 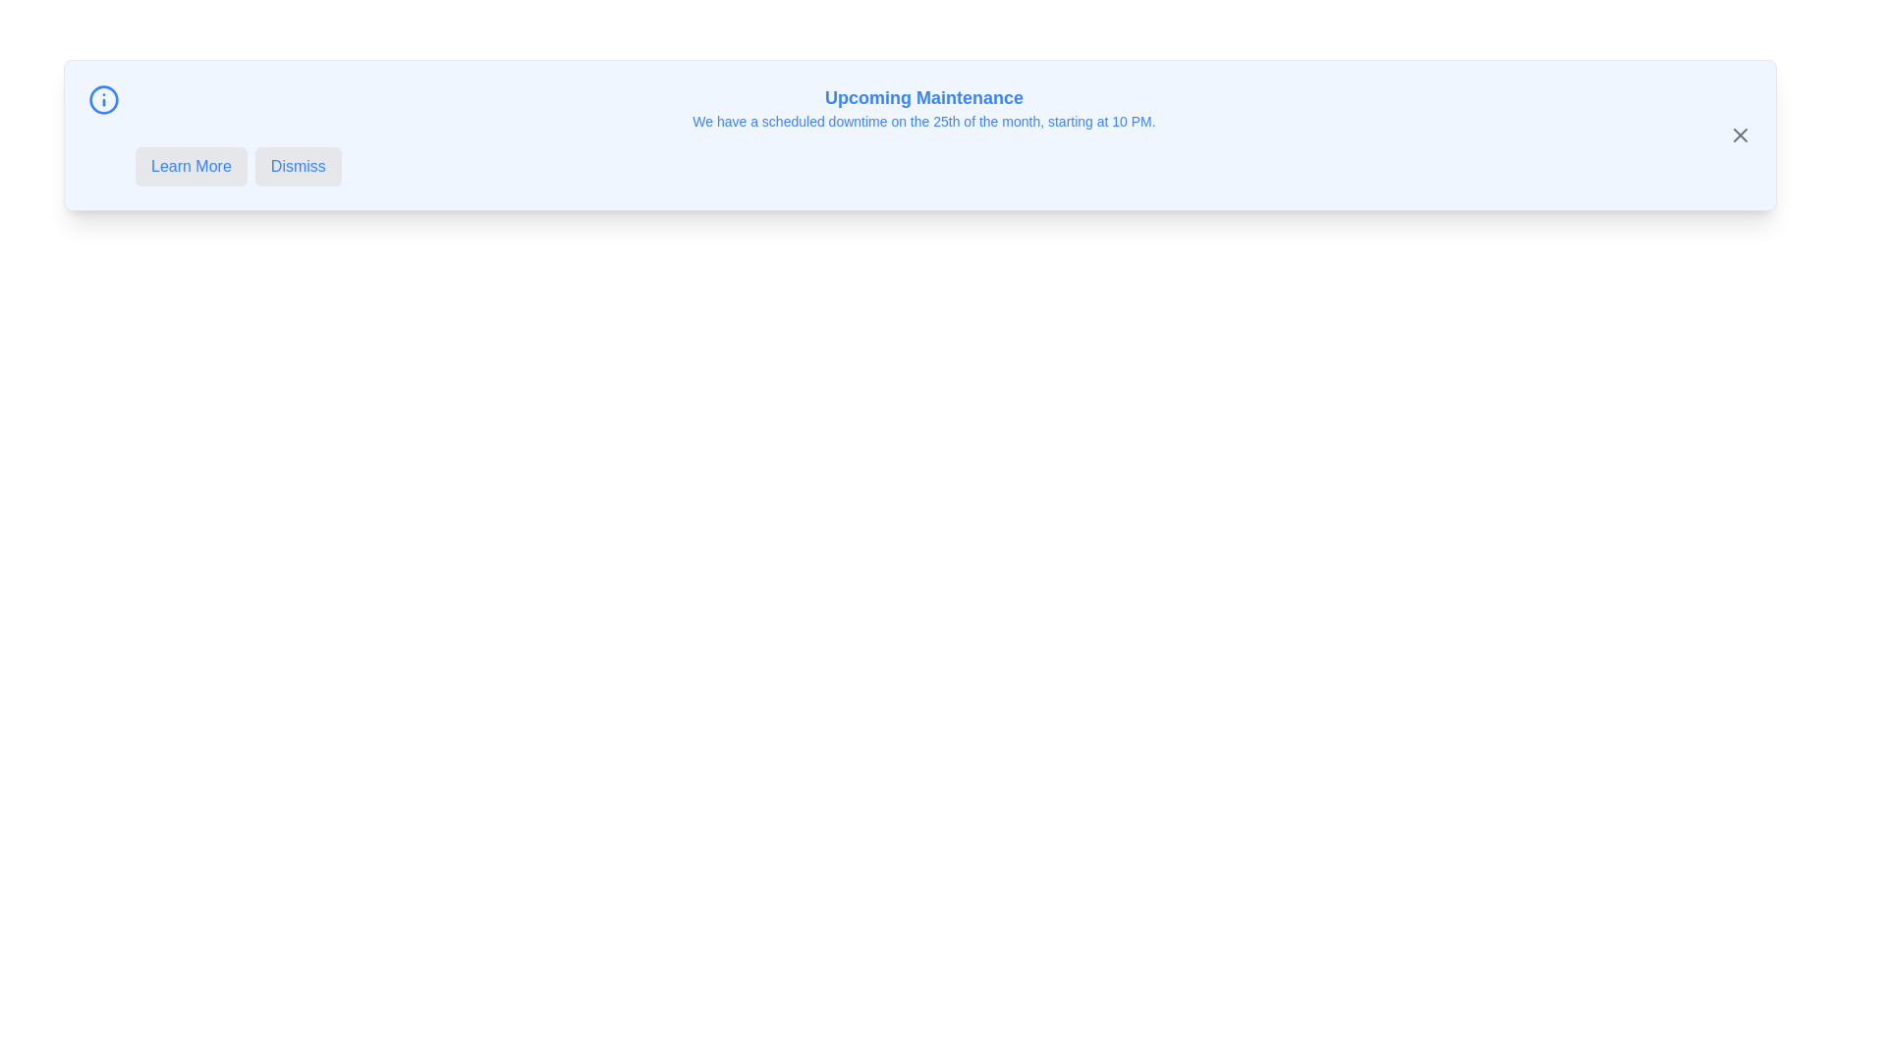 What do you see at coordinates (922, 121) in the screenshot?
I see `text element located directly below the 'Upcoming Maintenance' header, which conveys details about scheduled downtime` at bounding box center [922, 121].